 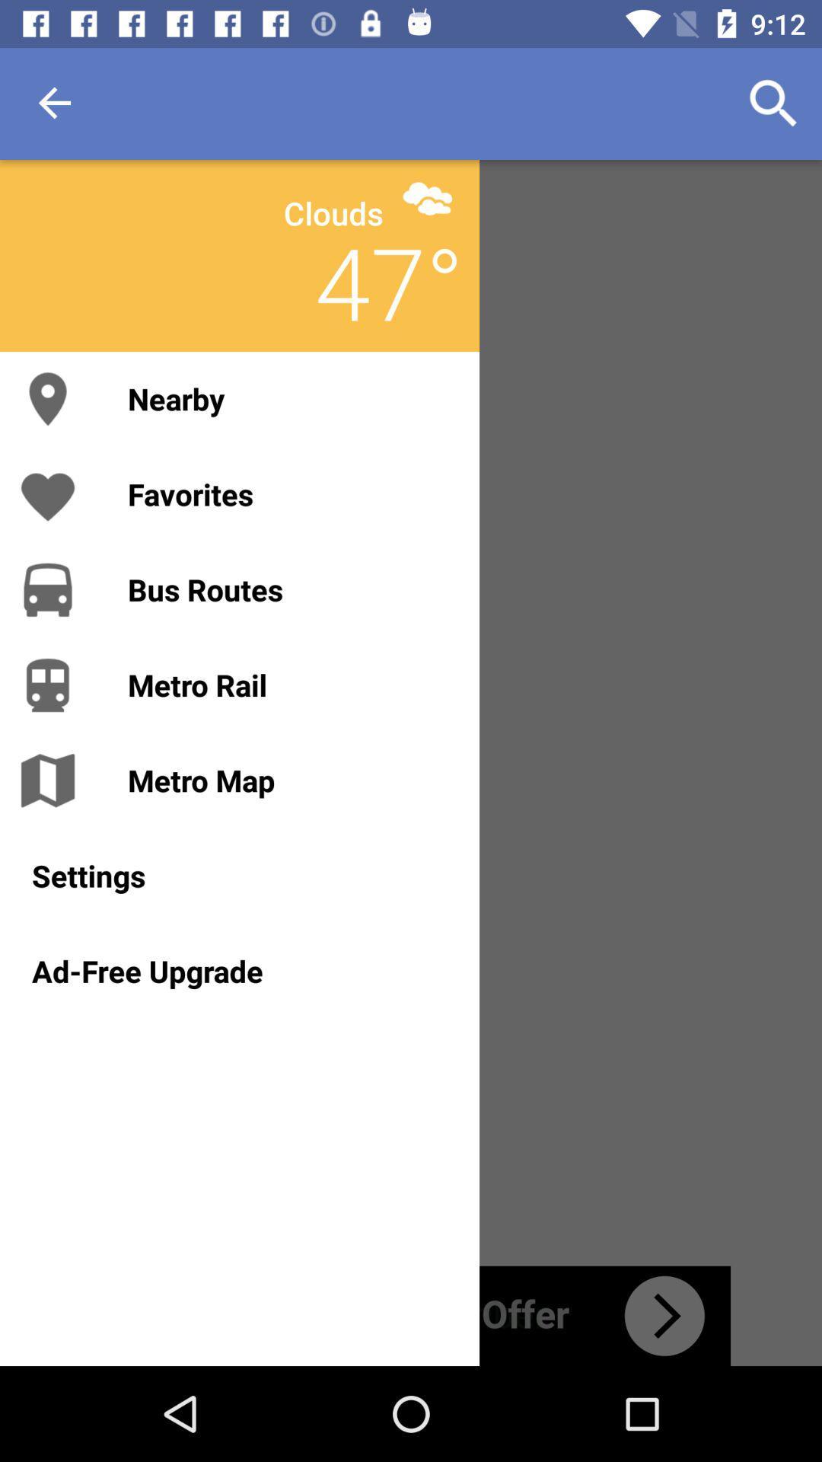 I want to click on ad-free upgrade item, so click(x=240, y=970).